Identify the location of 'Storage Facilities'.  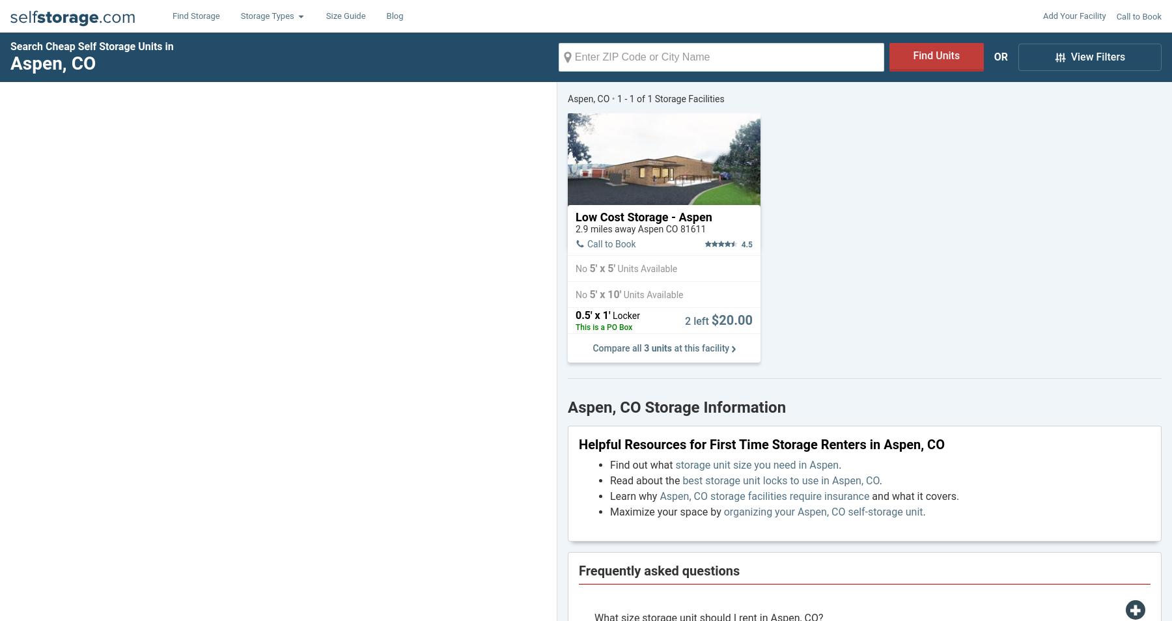
(688, 98).